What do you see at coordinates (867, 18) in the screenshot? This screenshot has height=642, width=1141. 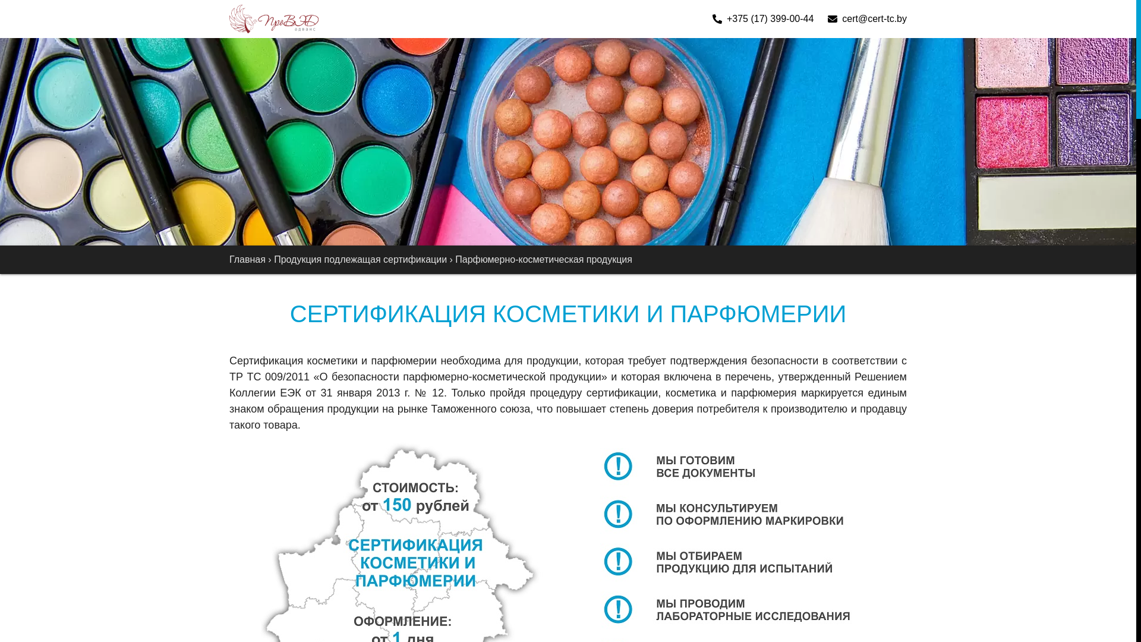 I see `'cert@cert-tc.by'` at bounding box center [867, 18].